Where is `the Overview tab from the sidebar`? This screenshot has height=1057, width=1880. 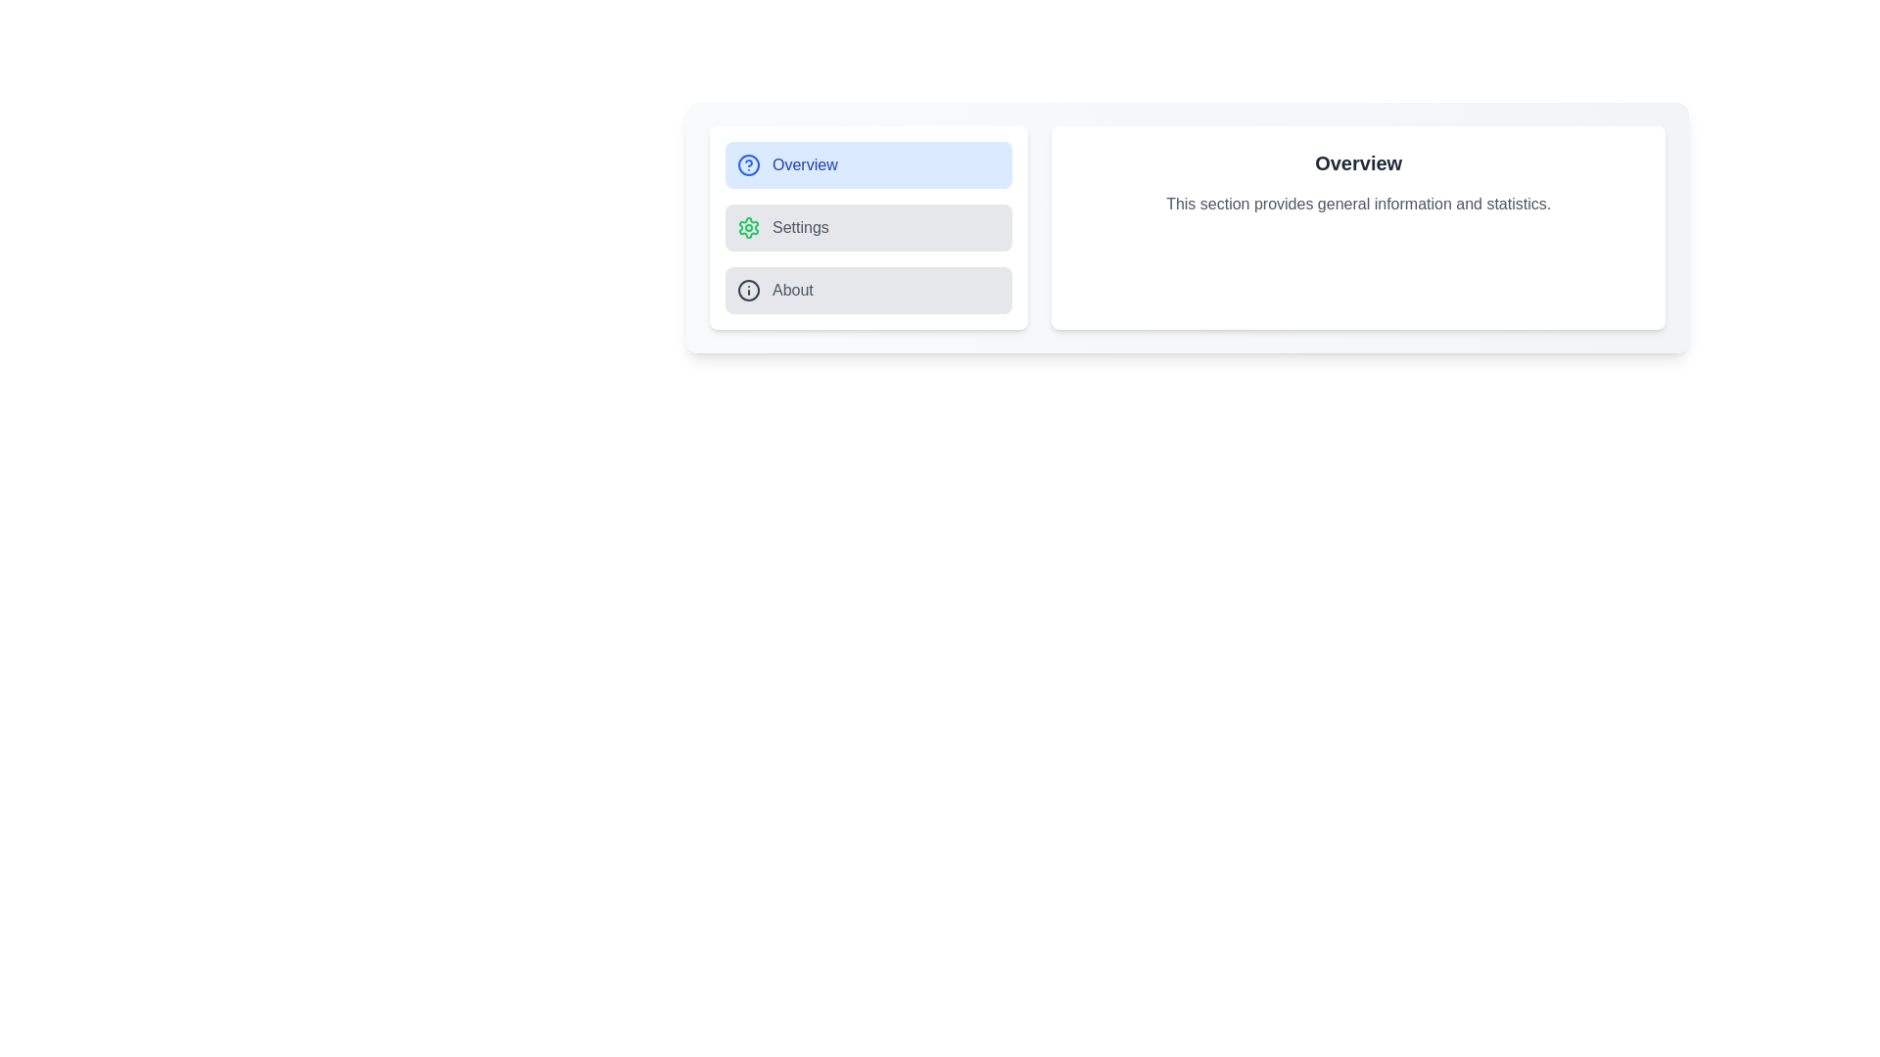 the Overview tab from the sidebar is located at coordinates (868, 164).